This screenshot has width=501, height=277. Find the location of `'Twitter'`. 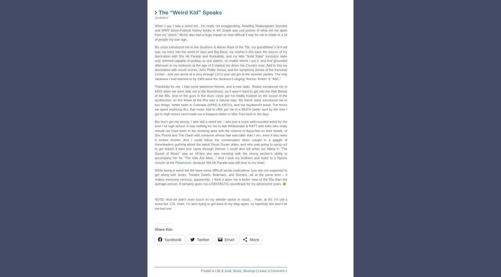

'Twitter' is located at coordinates (203, 240).